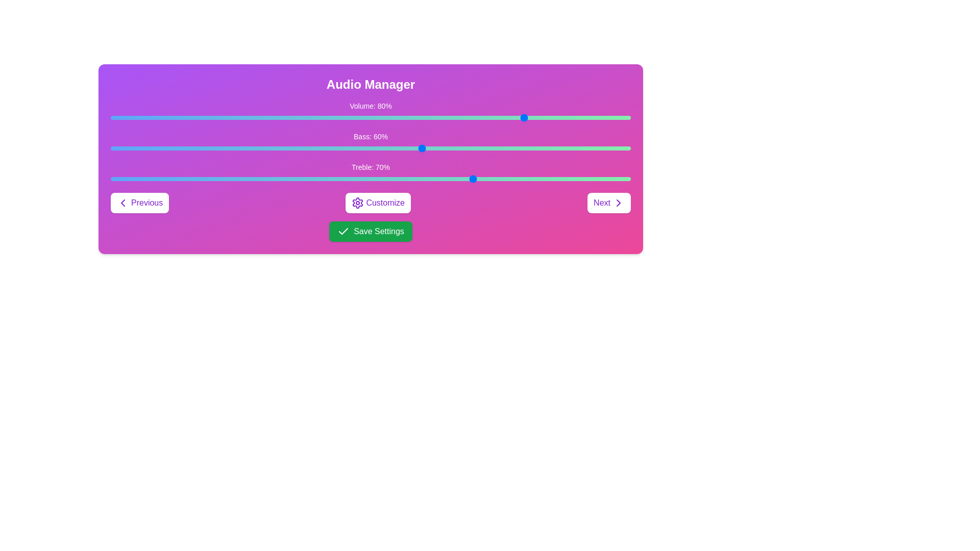 This screenshot has height=551, width=980. What do you see at coordinates (122, 203) in the screenshot?
I see `the decorative arrow icon located inside the 'Previous' button on the left-hand side of the button text` at bounding box center [122, 203].